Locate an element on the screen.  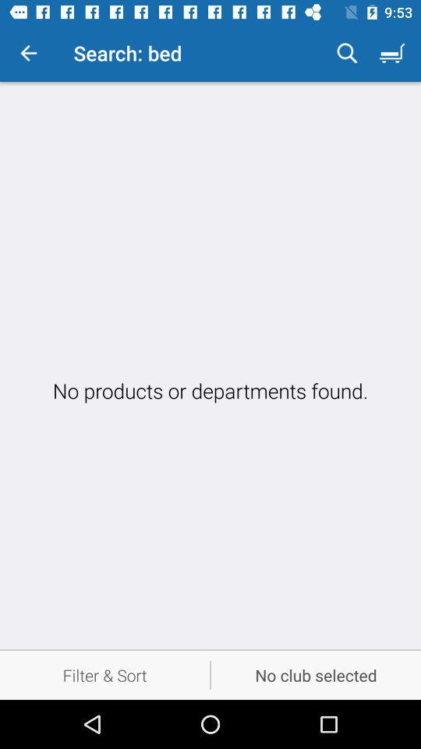
the icon next to the search: bed icon is located at coordinates (347, 53).